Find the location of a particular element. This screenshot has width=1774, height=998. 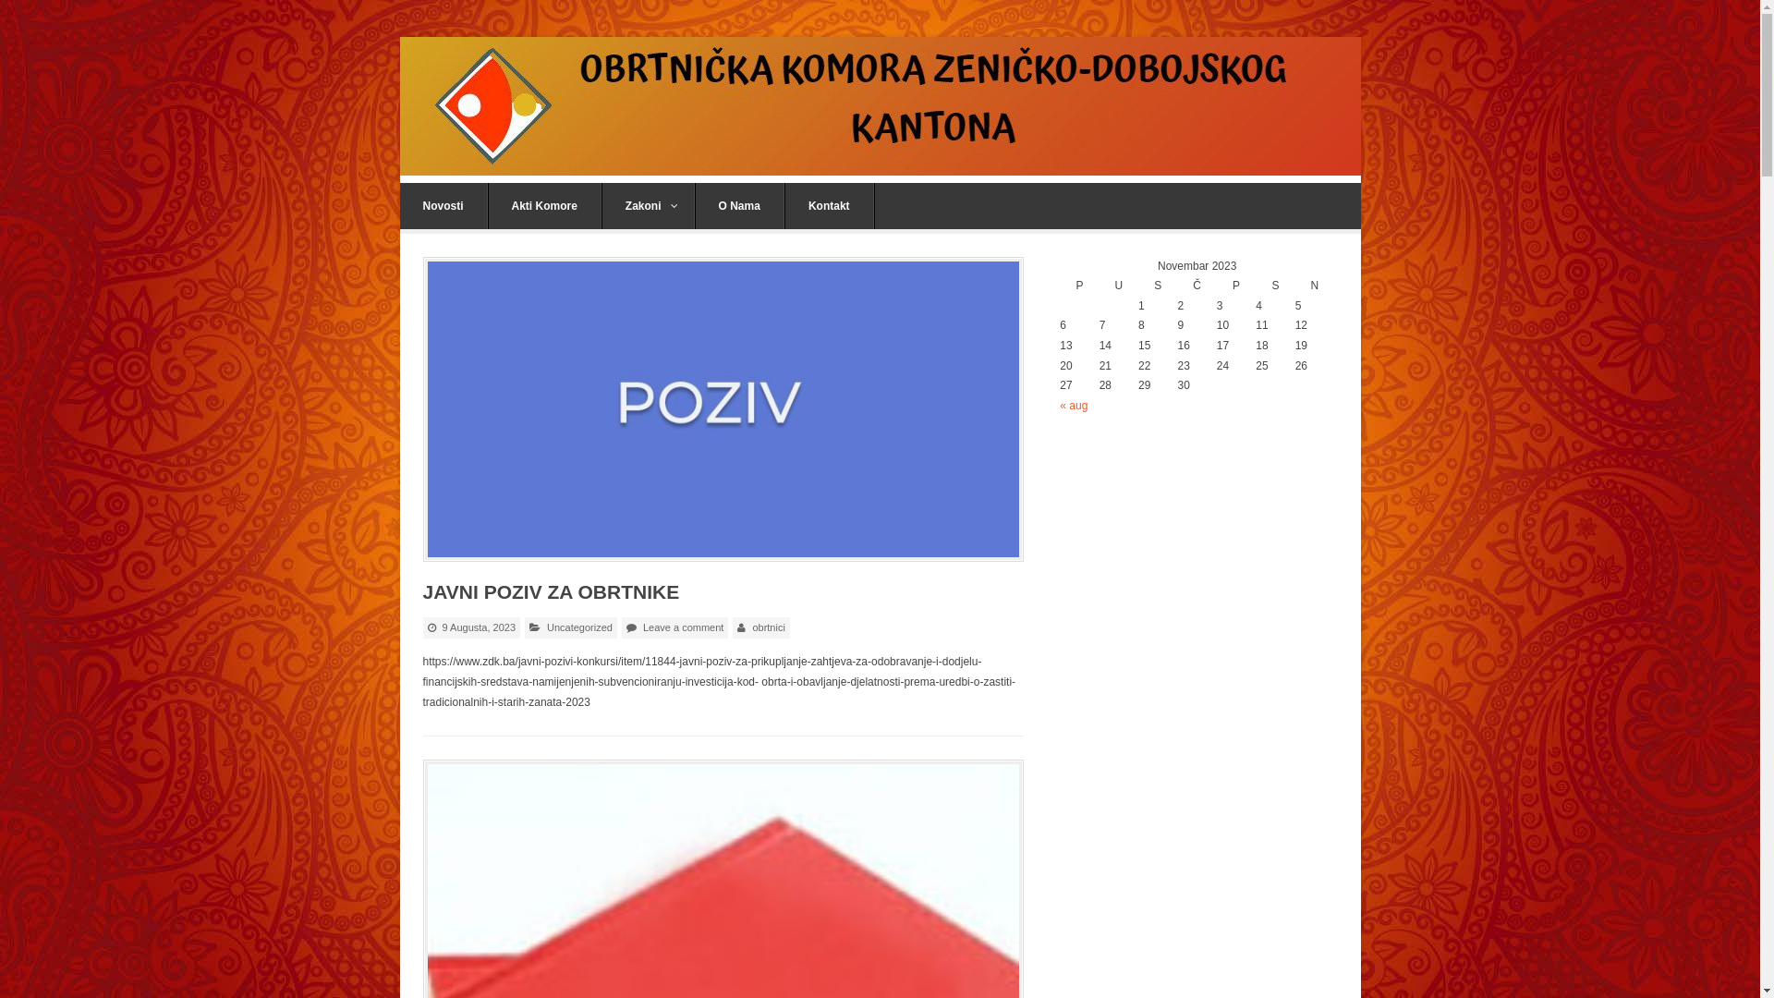

'Leave a comment' is located at coordinates (643, 626).